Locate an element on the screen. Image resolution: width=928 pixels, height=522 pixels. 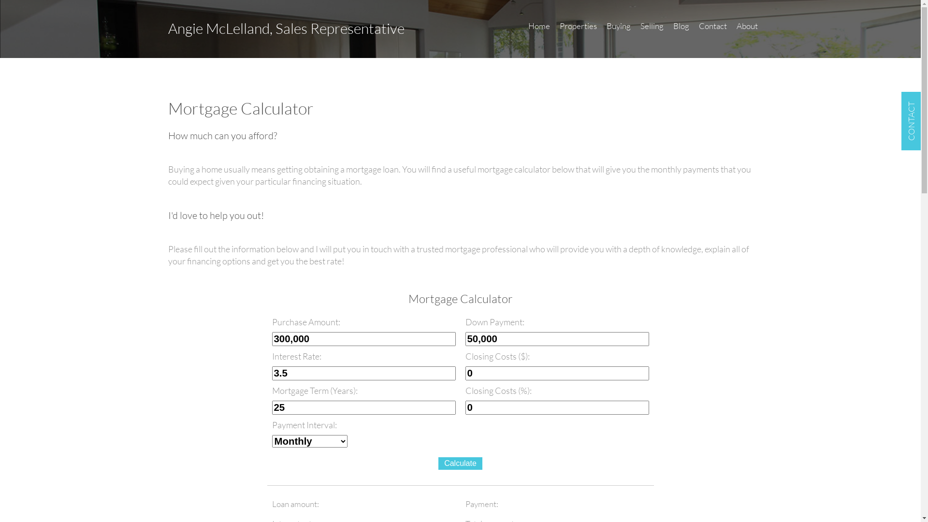
'Calculate' is located at coordinates (460, 463).